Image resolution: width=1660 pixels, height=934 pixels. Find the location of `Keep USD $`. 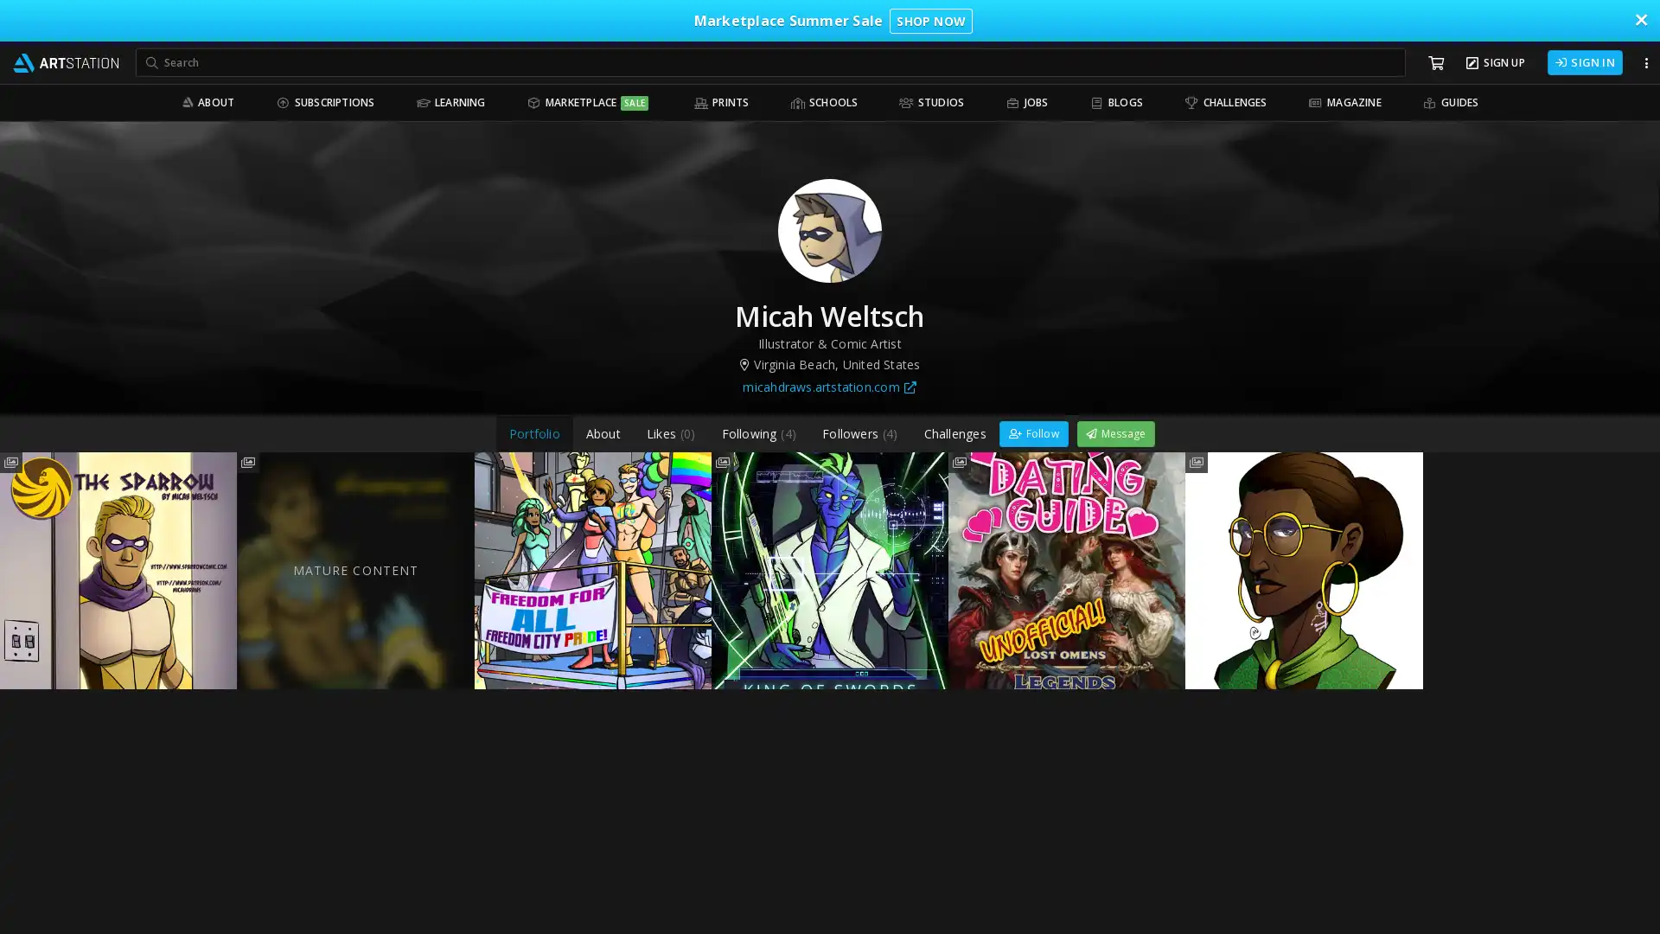

Keep USD $ is located at coordinates (722, 410).